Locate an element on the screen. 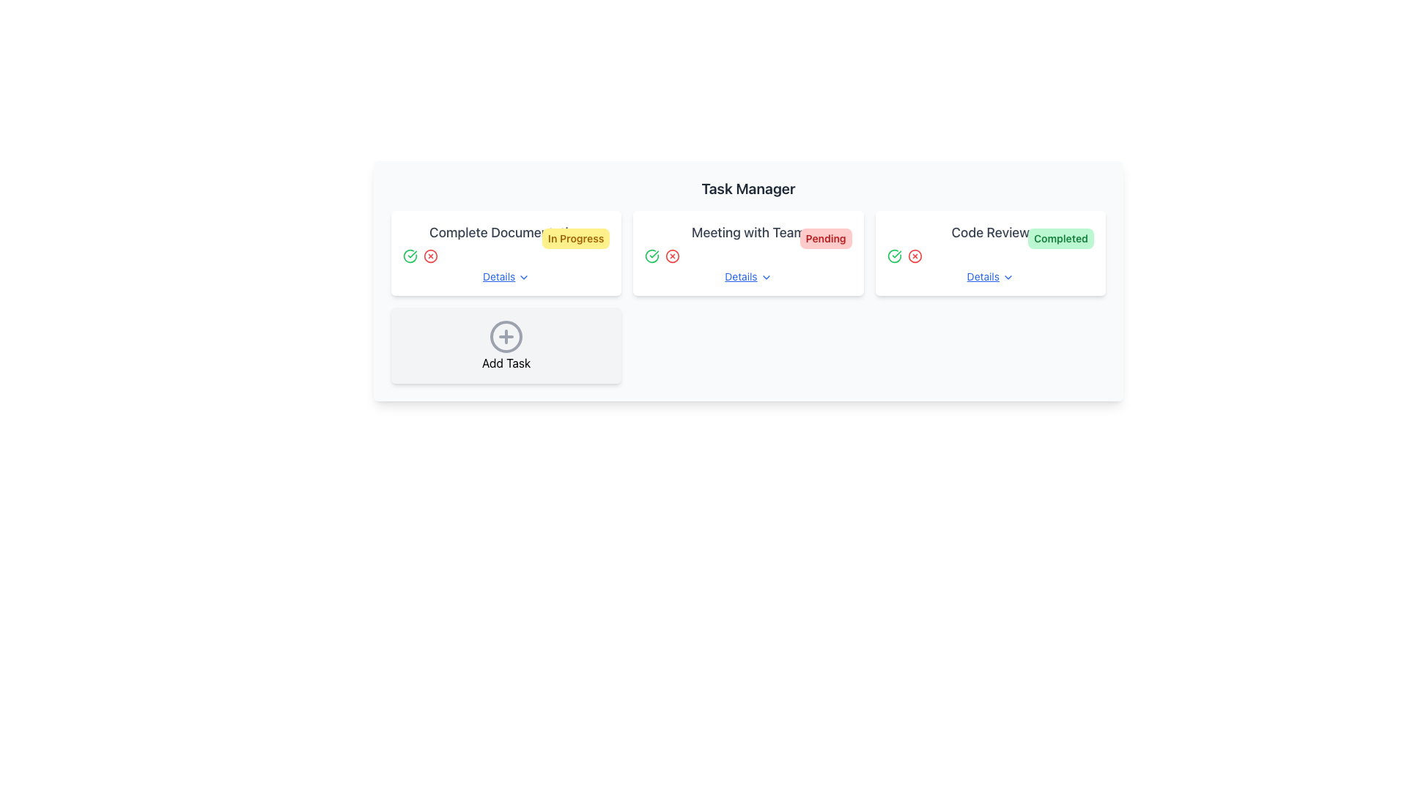  the Chevron Down icon is located at coordinates (1007, 278).